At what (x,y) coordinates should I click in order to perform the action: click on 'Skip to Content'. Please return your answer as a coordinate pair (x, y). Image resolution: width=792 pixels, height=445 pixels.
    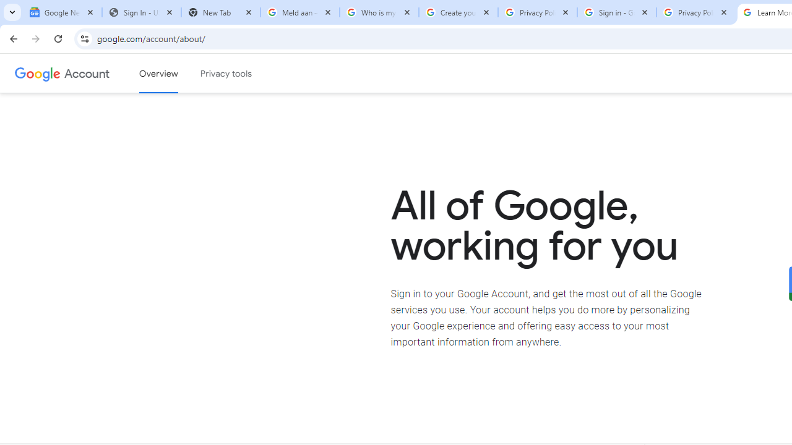
    Looking at the image, I should click on (176, 72).